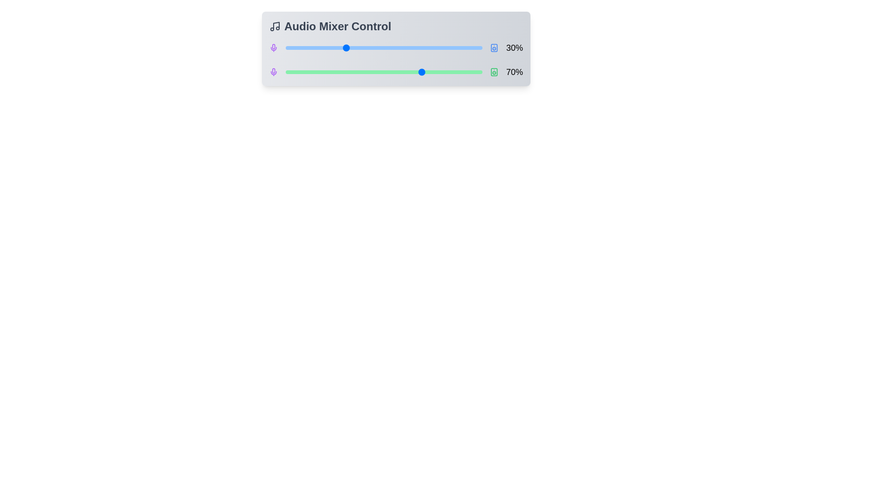 The image size is (895, 503). I want to click on the microphone icon located at the far left in the first row of the Audio Mixer Control section, which symbolizes an audio input device, so click(273, 70).